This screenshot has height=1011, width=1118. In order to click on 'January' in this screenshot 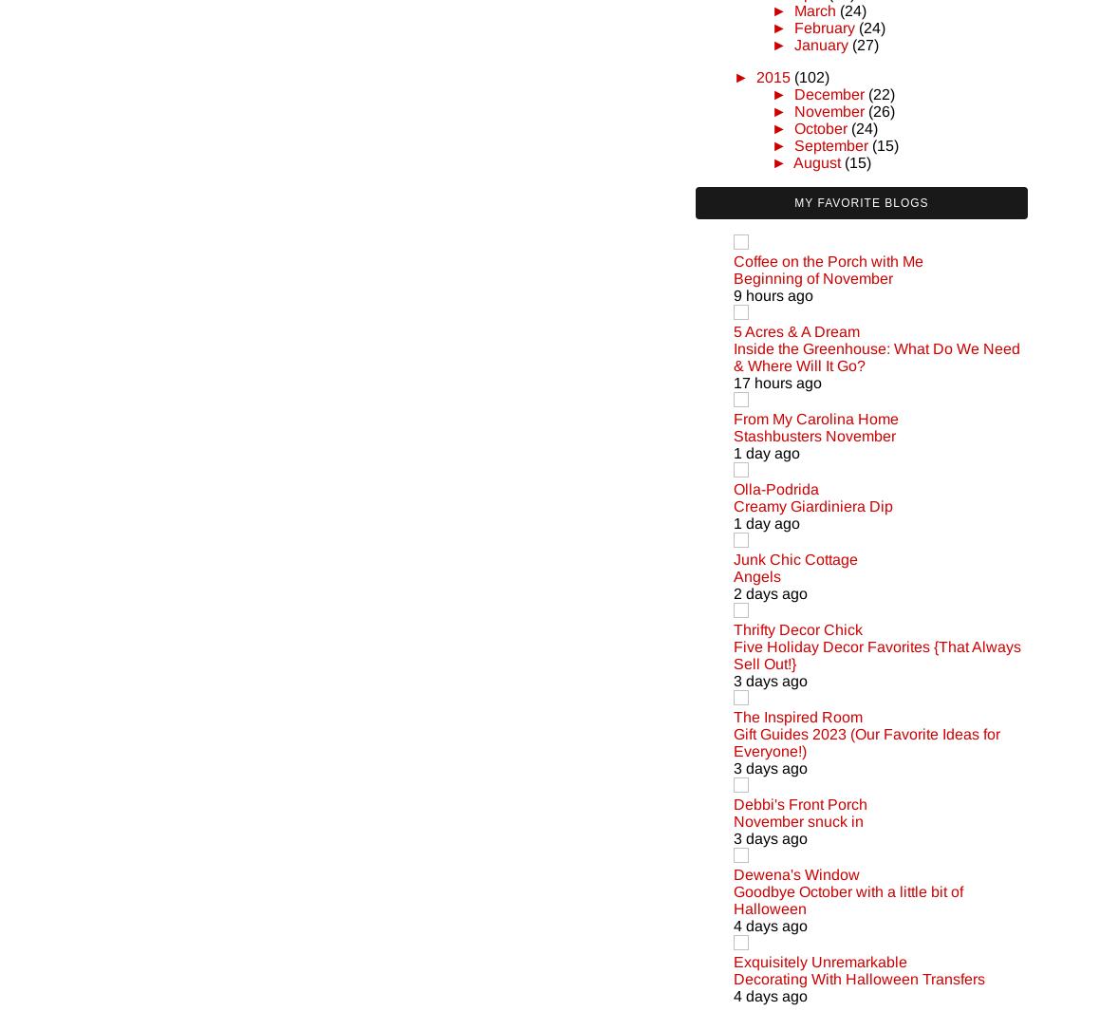, I will do `click(819, 43)`.